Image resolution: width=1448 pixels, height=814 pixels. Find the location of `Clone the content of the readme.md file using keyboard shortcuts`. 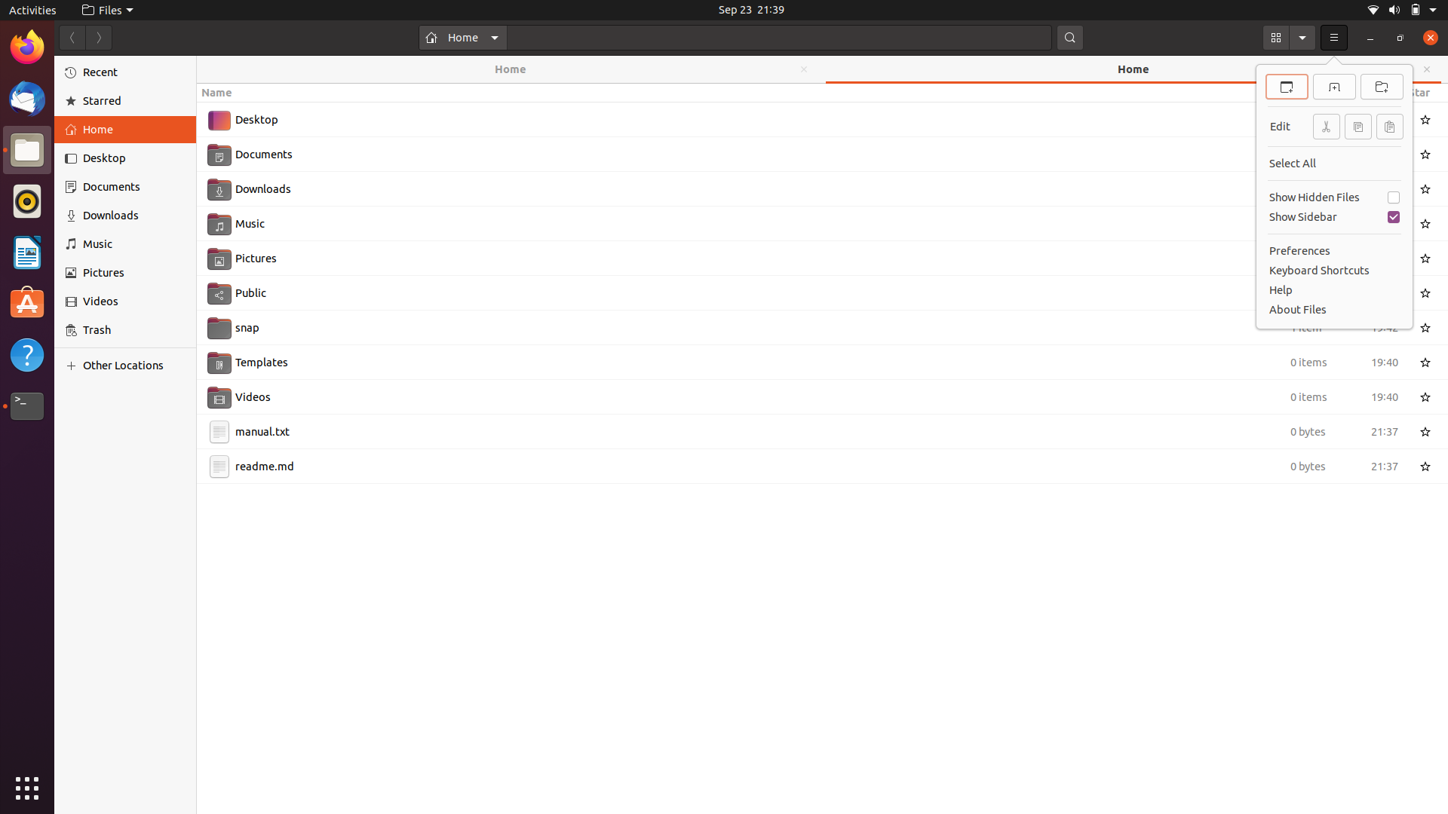

Clone the content of the readme.md file using keyboard shortcuts is located at coordinates (805, 464).